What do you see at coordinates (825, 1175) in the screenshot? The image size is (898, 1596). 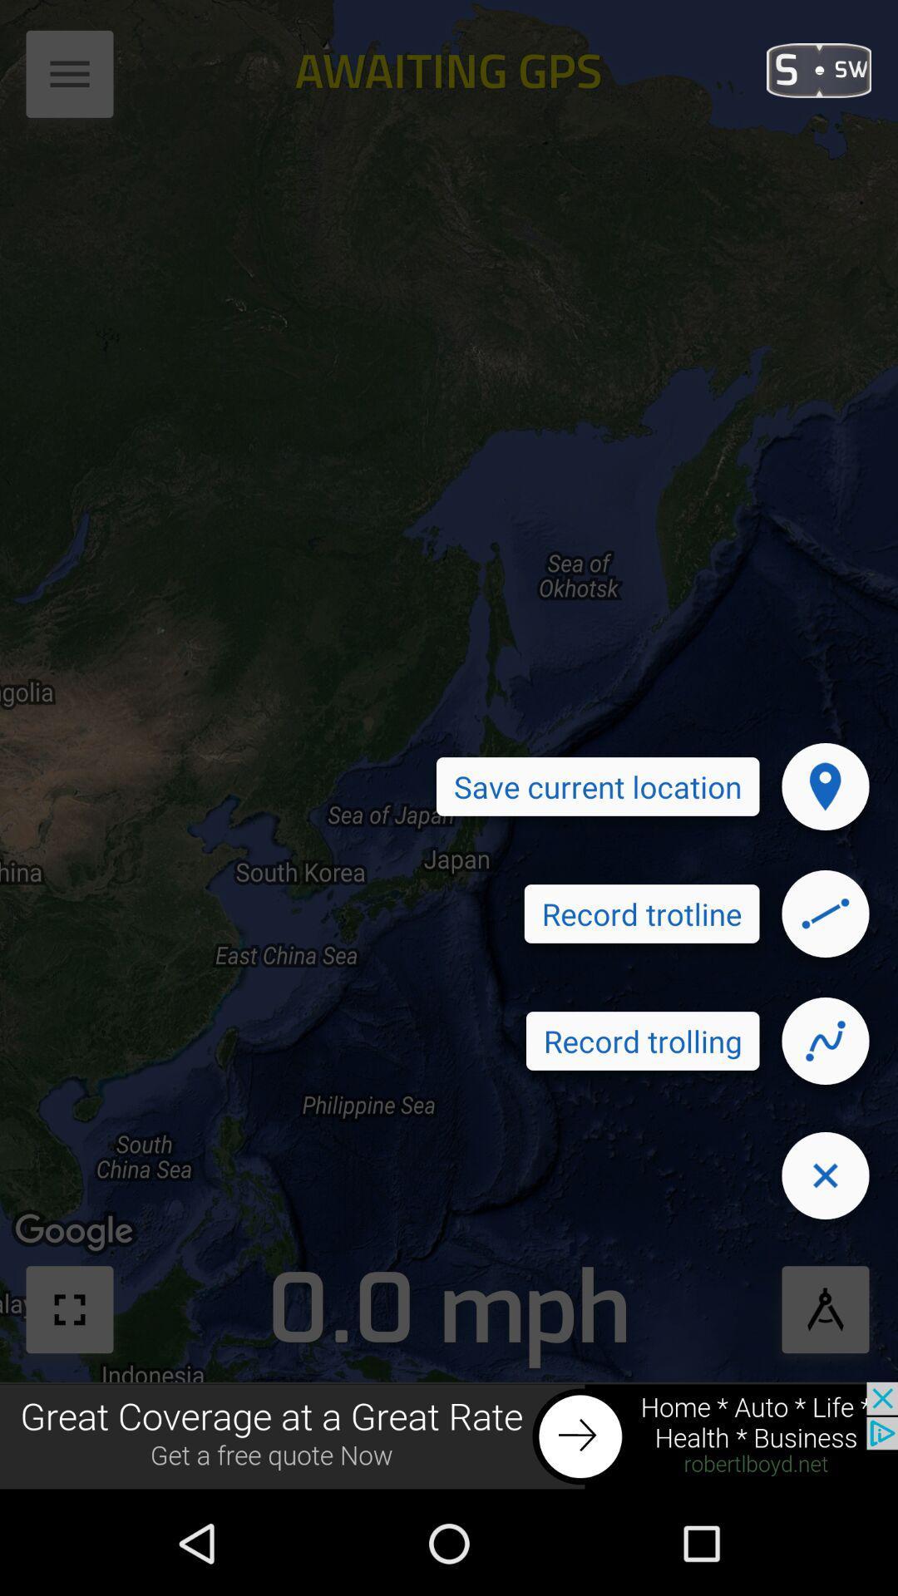 I see `close icon` at bounding box center [825, 1175].